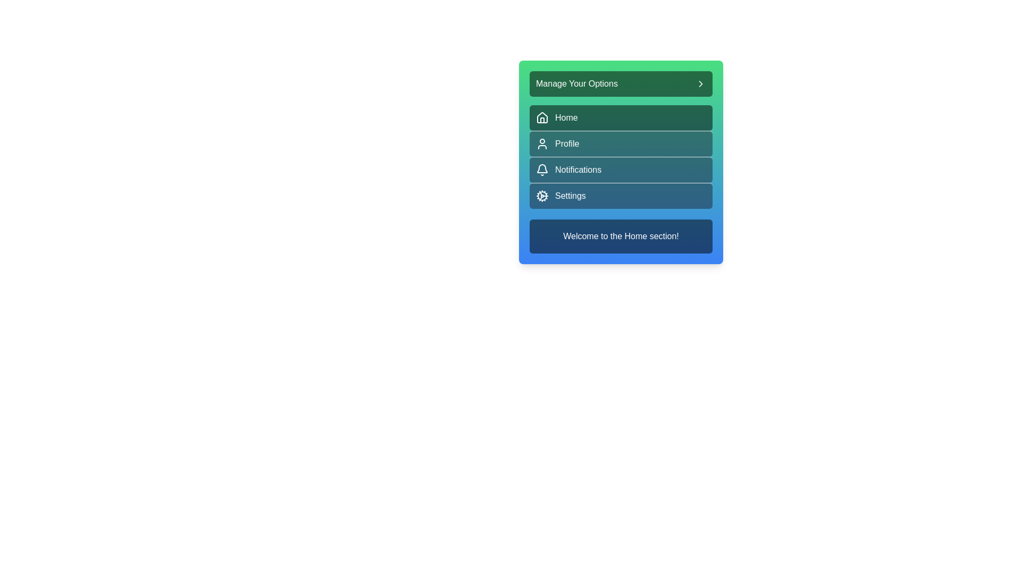 The width and height of the screenshot is (1021, 574). What do you see at coordinates (621, 196) in the screenshot?
I see `the 'Settings' button in the vertical menu list` at bounding box center [621, 196].